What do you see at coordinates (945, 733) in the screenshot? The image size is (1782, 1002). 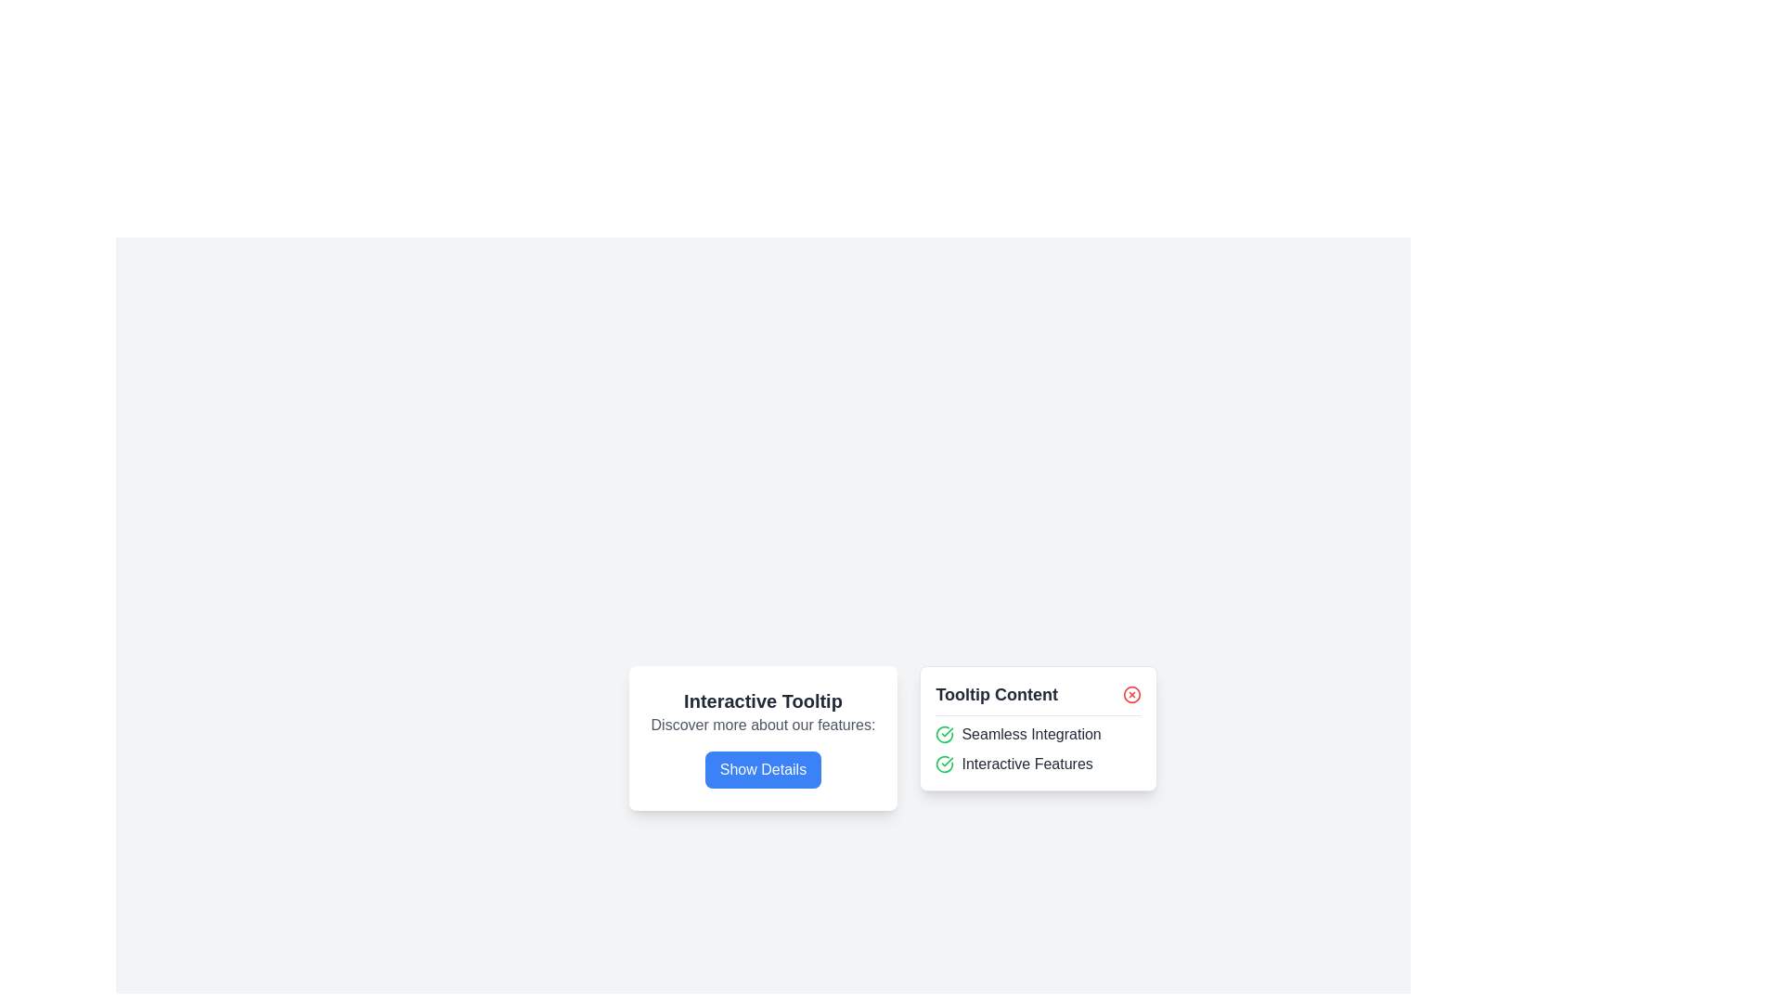 I see `the circular checkmark icon with a green outline, located to the left of the text 'Seamless Integration' in the tooltip content box` at bounding box center [945, 733].